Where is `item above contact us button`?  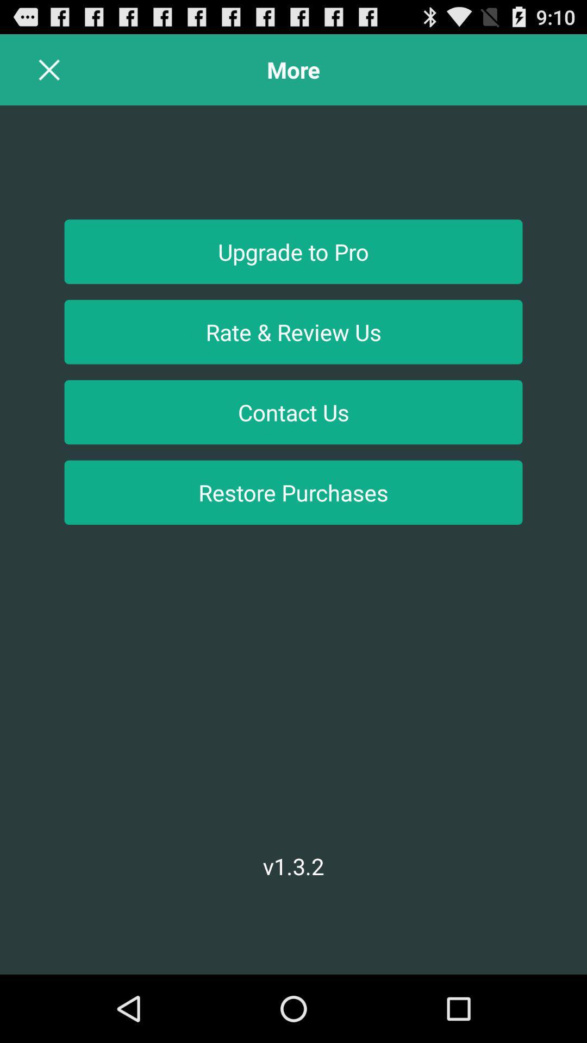 item above contact us button is located at coordinates (293, 331).